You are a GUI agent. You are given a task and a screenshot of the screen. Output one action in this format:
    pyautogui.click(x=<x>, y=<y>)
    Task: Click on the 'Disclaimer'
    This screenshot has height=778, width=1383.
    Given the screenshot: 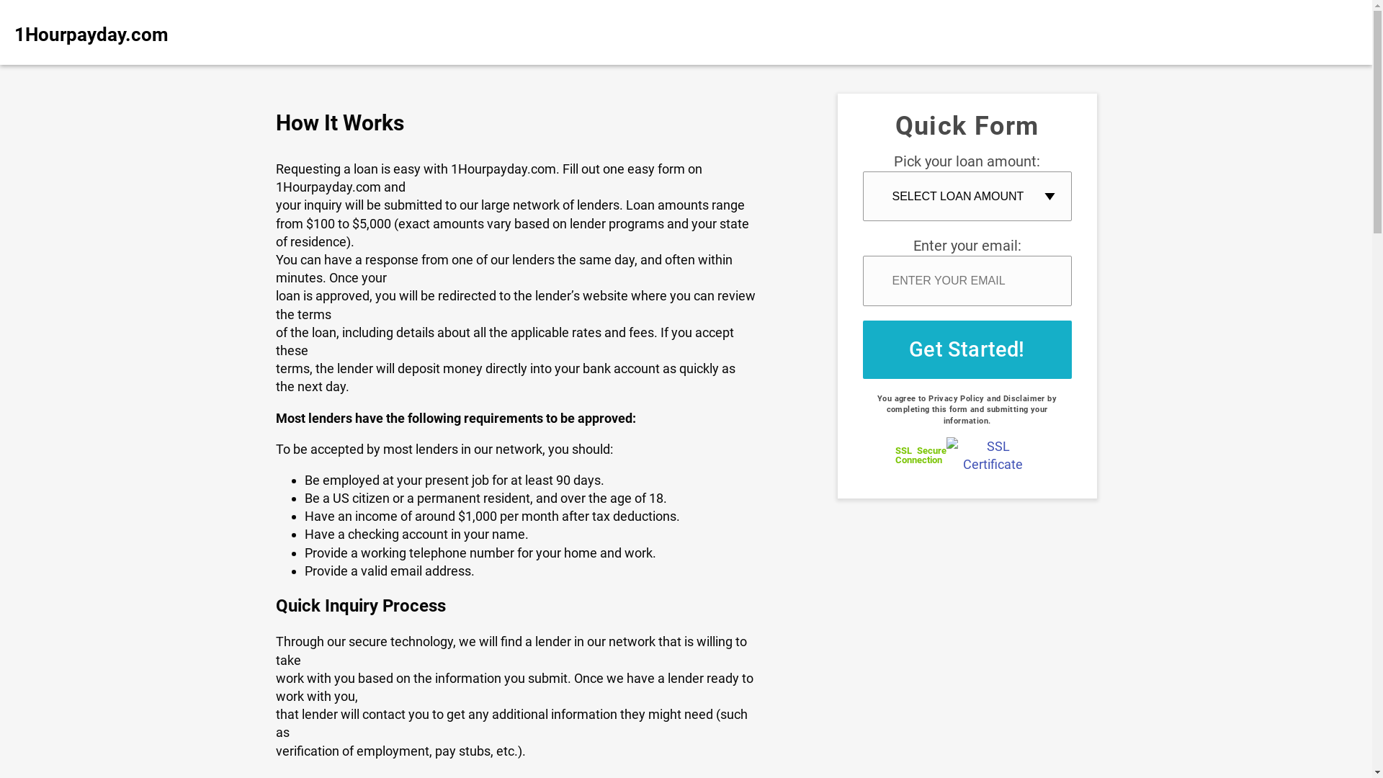 What is the action you would take?
    pyautogui.click(x=1023, y=398)
    